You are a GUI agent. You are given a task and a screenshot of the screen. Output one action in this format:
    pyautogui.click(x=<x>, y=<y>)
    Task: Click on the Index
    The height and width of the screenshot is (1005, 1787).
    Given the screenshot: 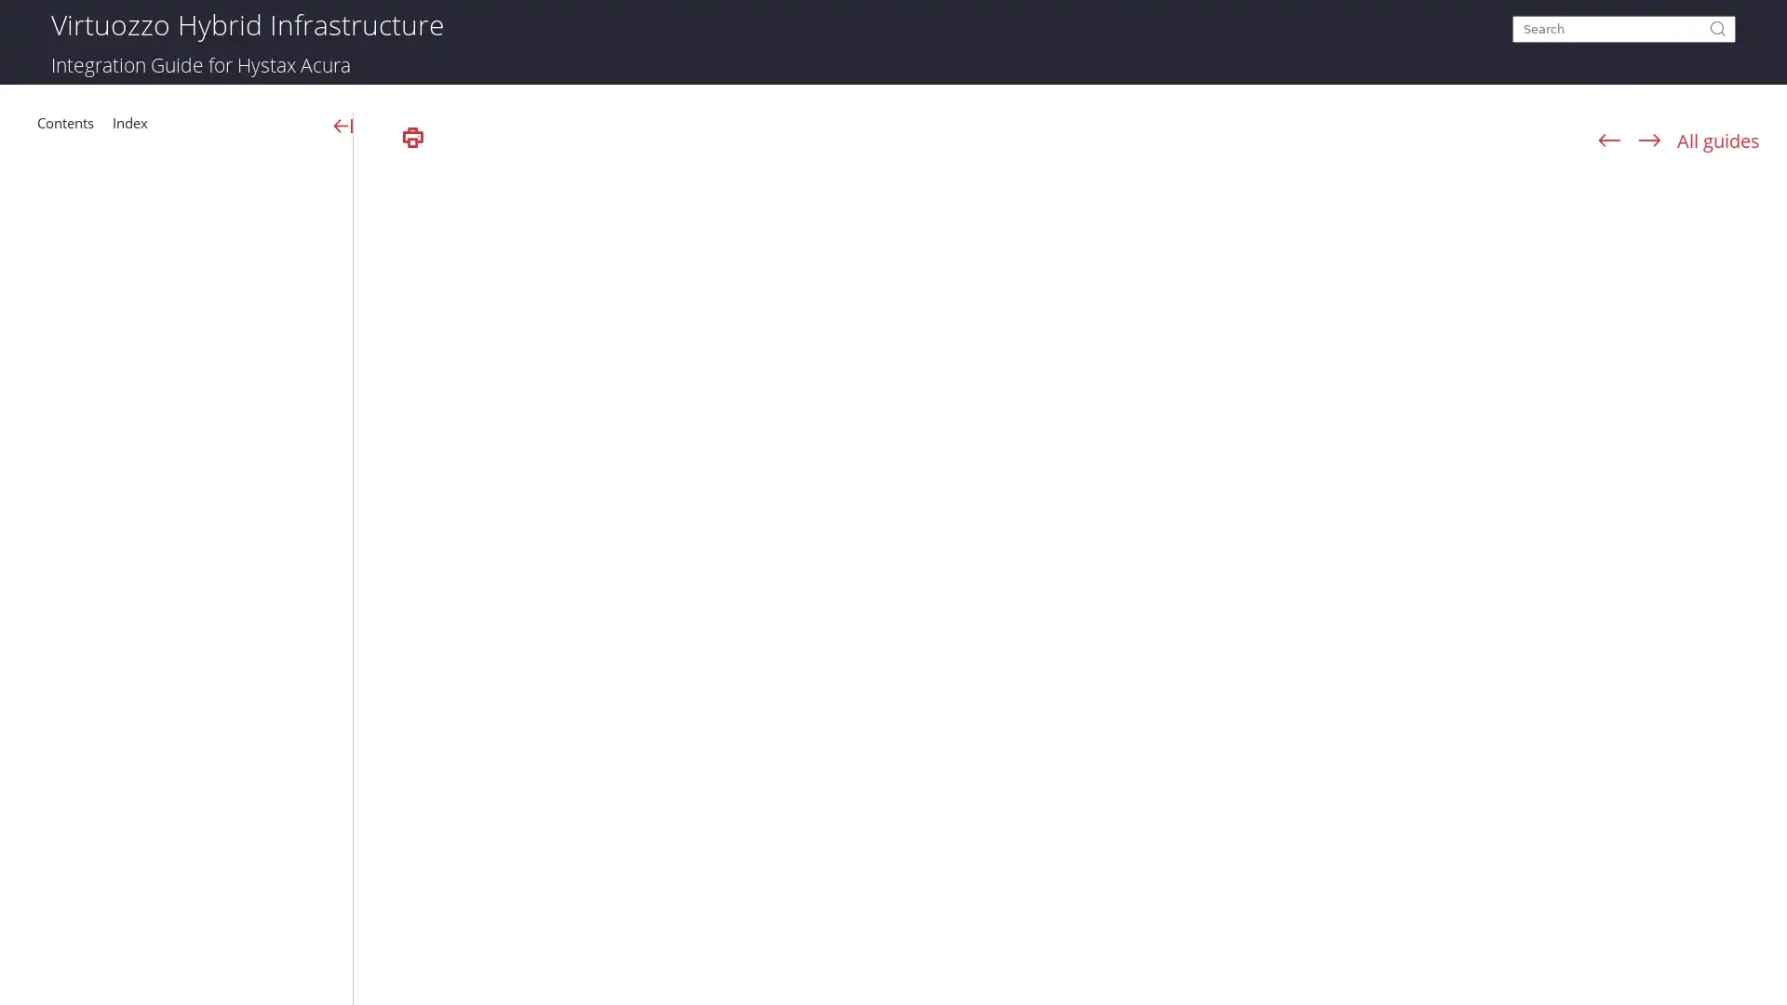 What is the action you would take?
    pyautogui.click(x=153, y=127)
    